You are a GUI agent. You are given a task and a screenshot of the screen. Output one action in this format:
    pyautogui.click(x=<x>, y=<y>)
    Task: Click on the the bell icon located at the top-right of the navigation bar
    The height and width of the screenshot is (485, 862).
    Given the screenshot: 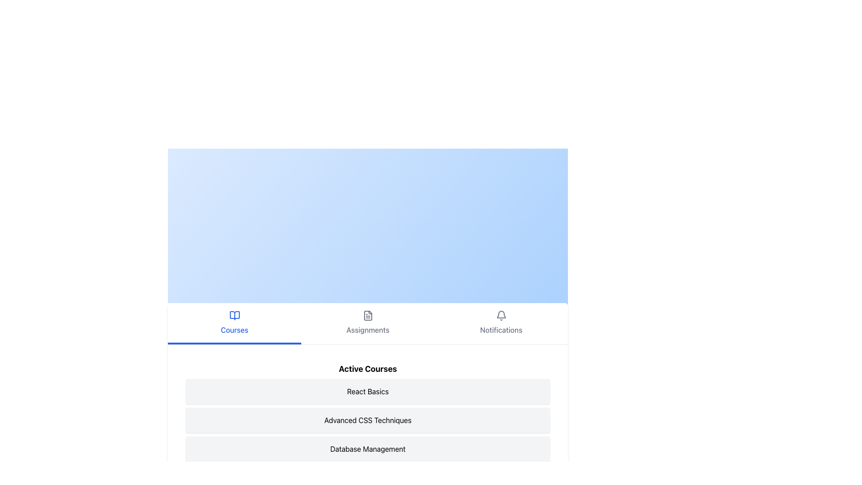 What is the action you would take?
    pyautogui.click(x=501, y=315)
    